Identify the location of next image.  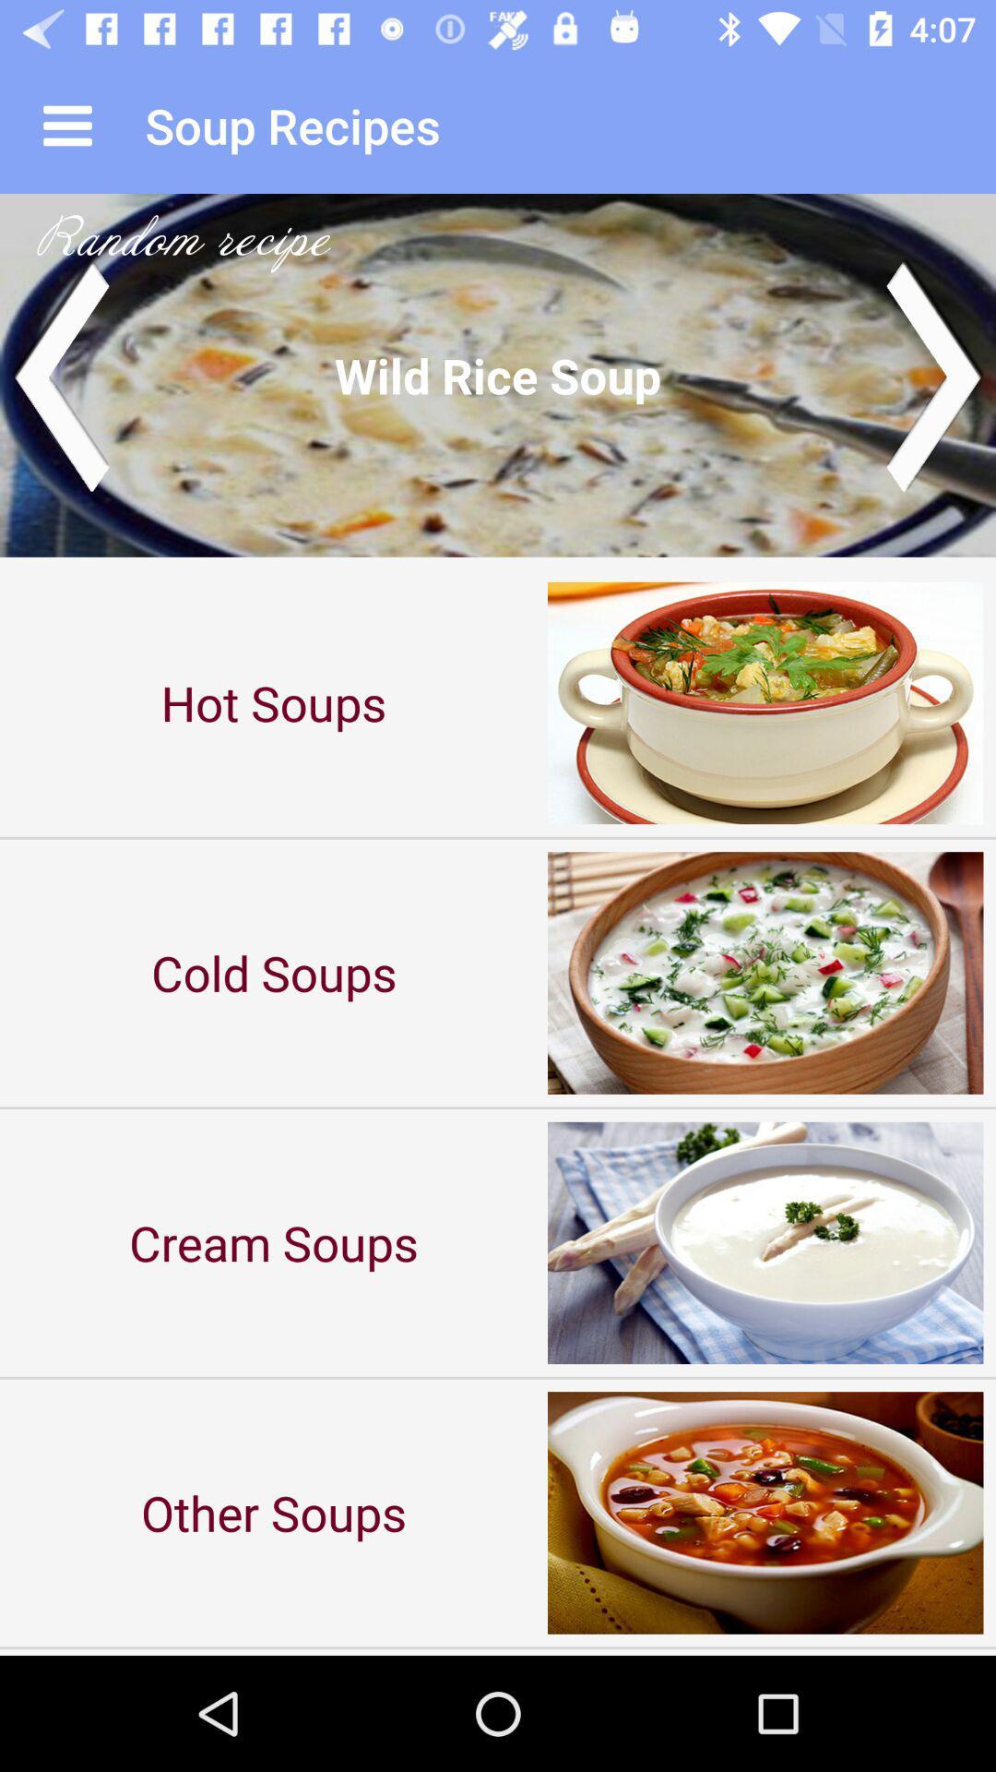
(935, 374).